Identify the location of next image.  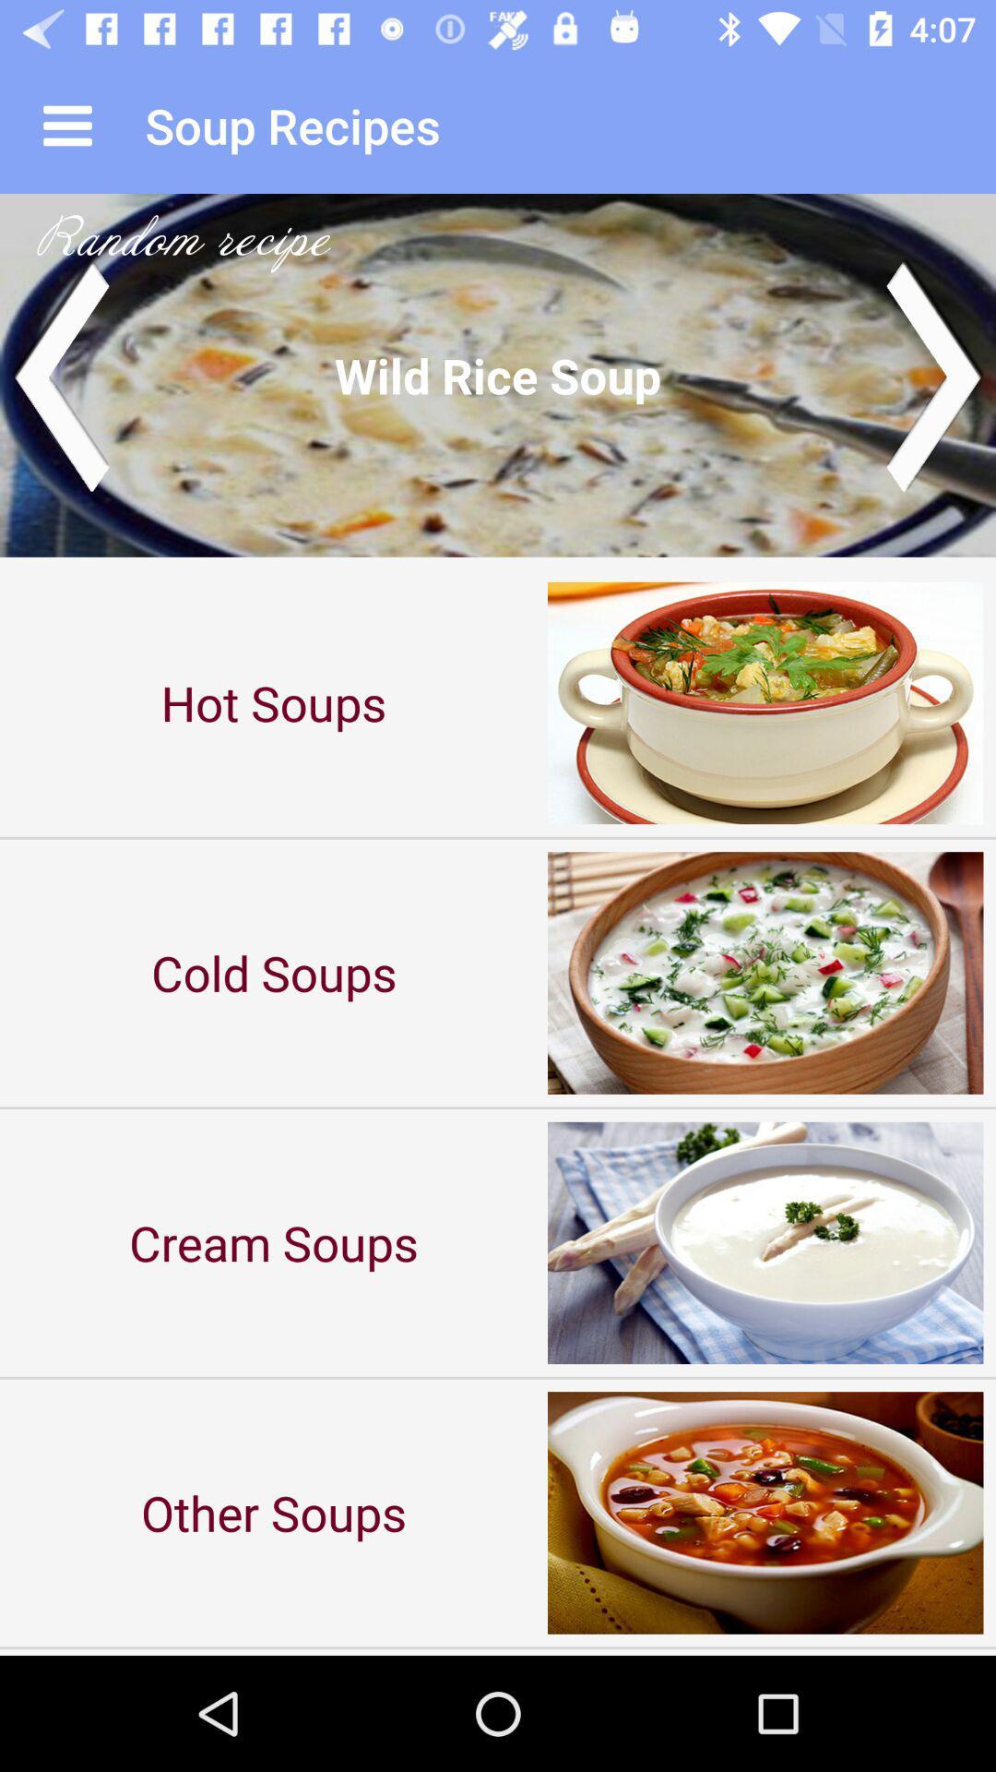
(935, 374).